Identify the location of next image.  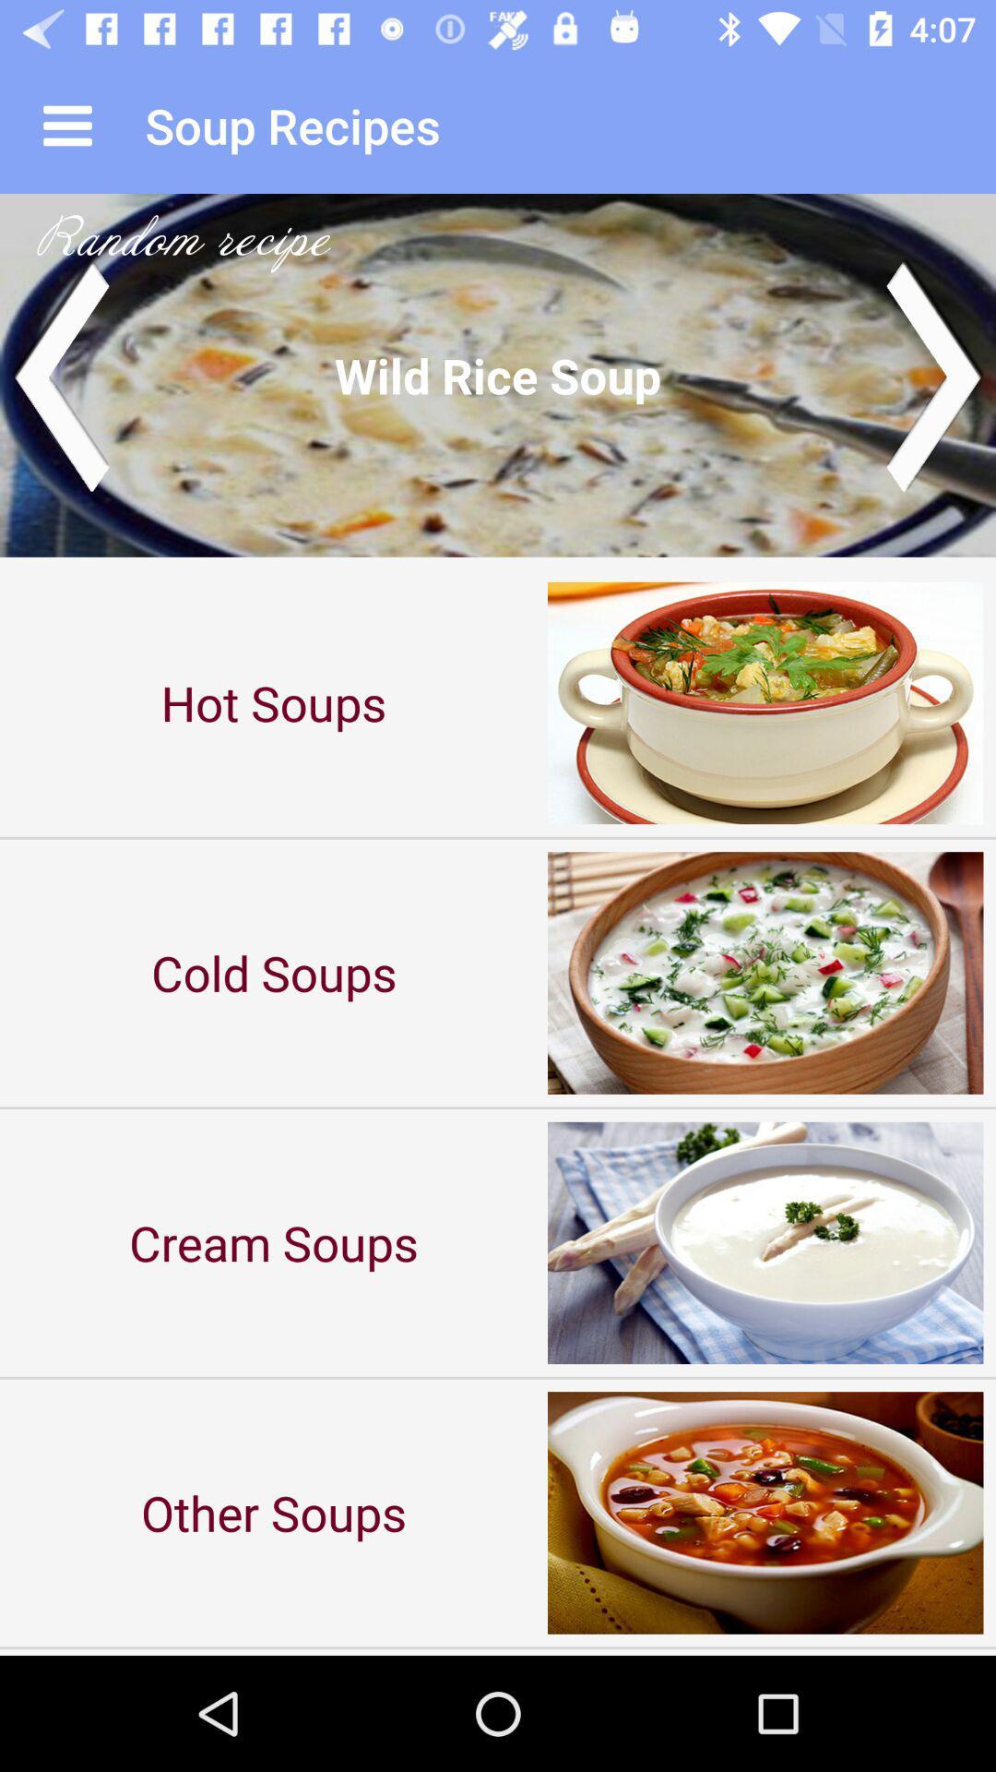
(935, 374).